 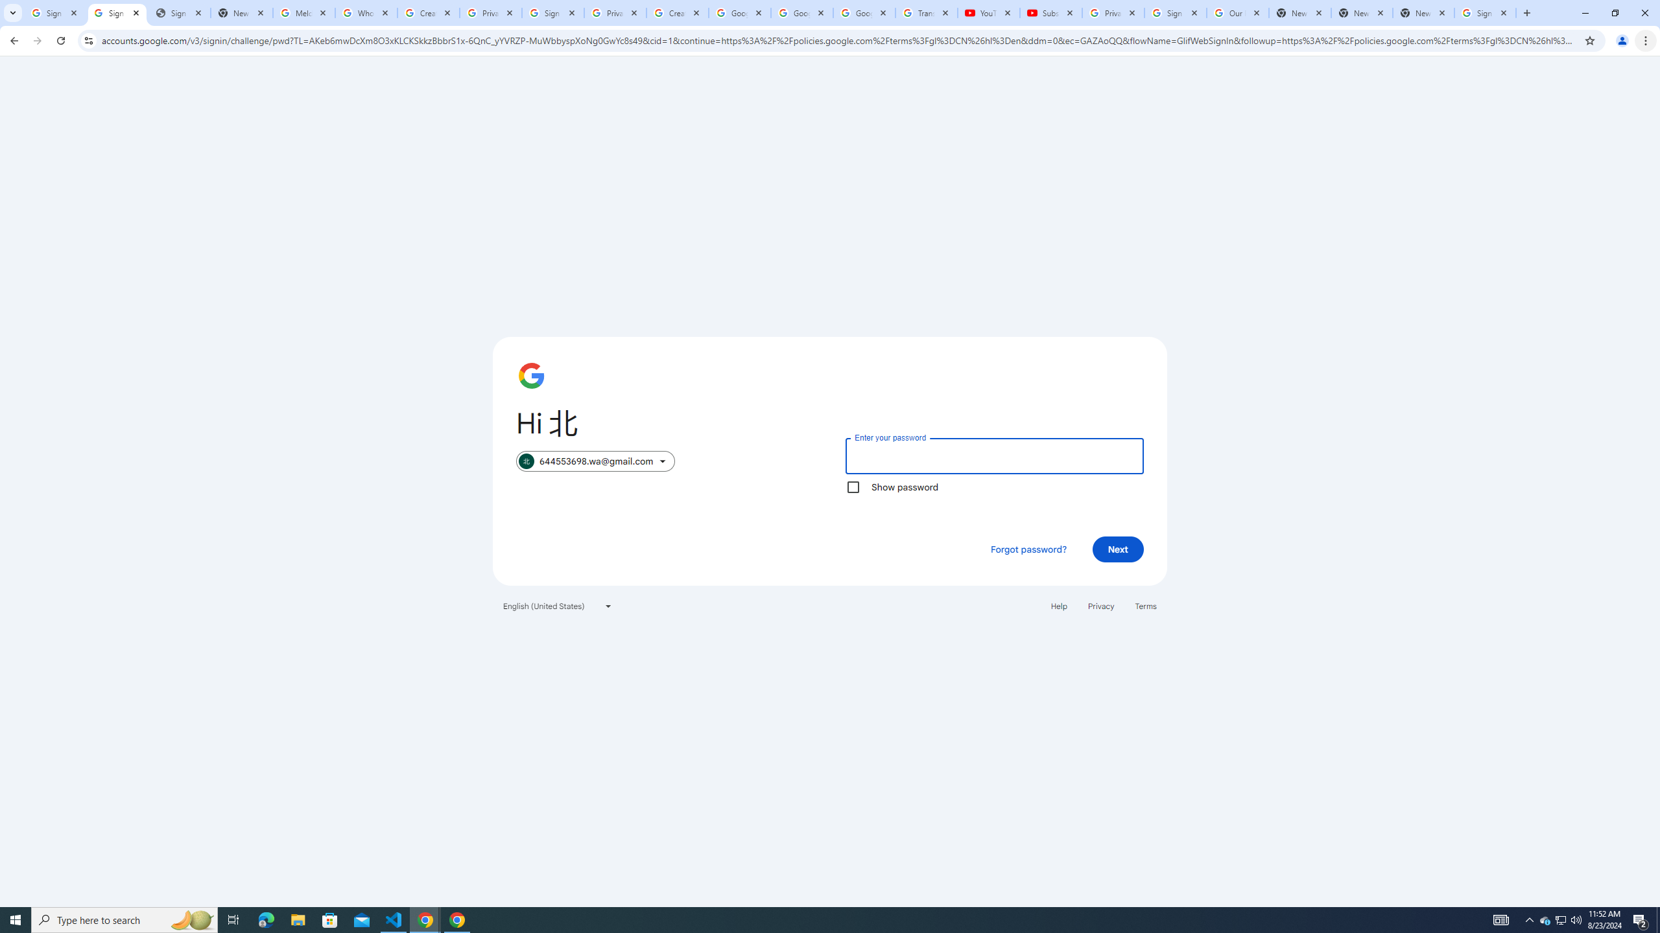 What do you see at coordinates (1485, 12) in the screenshot?
I see `'Sign in - Google Accounts'` at bounding box center [1485, 12].